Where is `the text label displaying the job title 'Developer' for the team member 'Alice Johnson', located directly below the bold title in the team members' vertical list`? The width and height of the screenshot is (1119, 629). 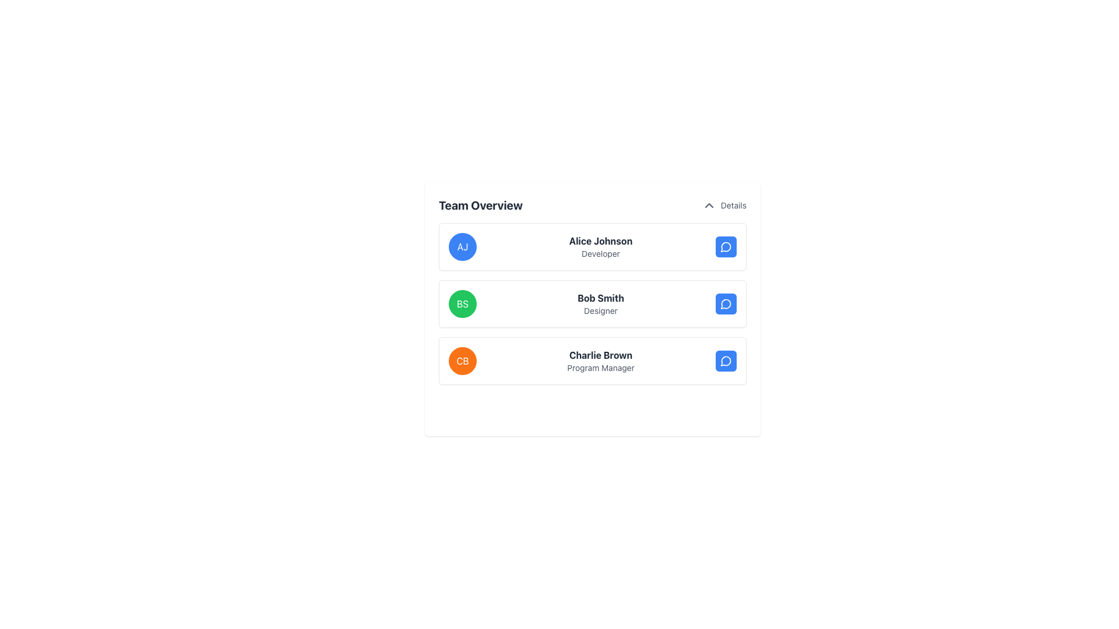
the text label displaying the job title 'Developer' for the team member 'Alice Johnson', located directly below the bold title in the team members' vertical list is located at coordinates (601, 253).